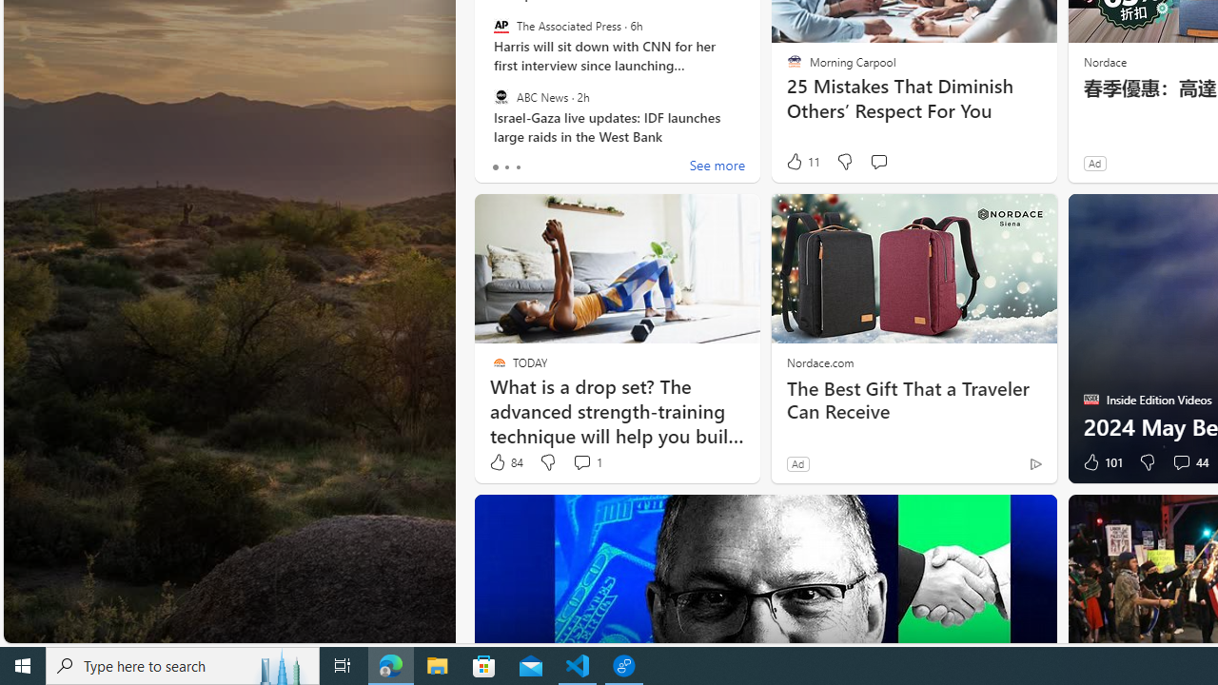 The height and width of the screenshot is (685, 1218). What do you see at coordinates (506, 166) in the screenshot?
I see `'tab-1'` at bounding box center [506, 166].